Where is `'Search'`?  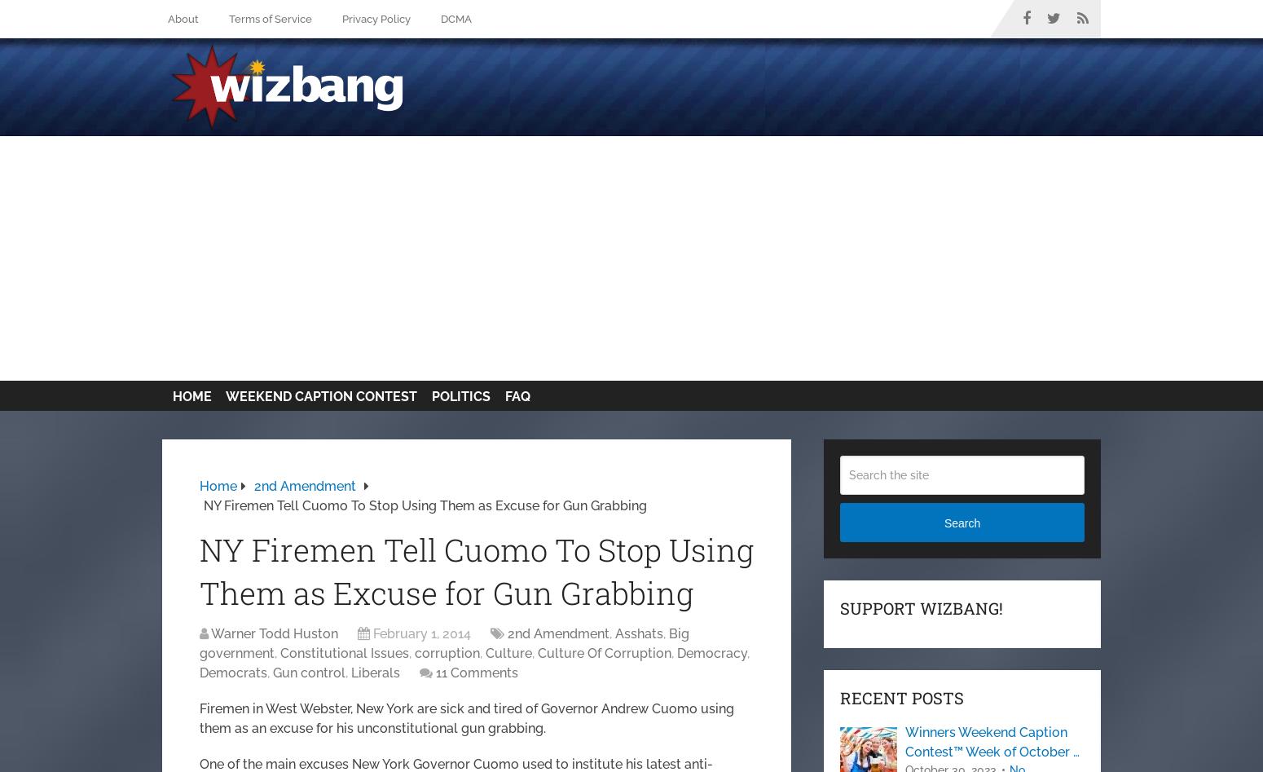
'Search' is located at coordinates (962, 523).